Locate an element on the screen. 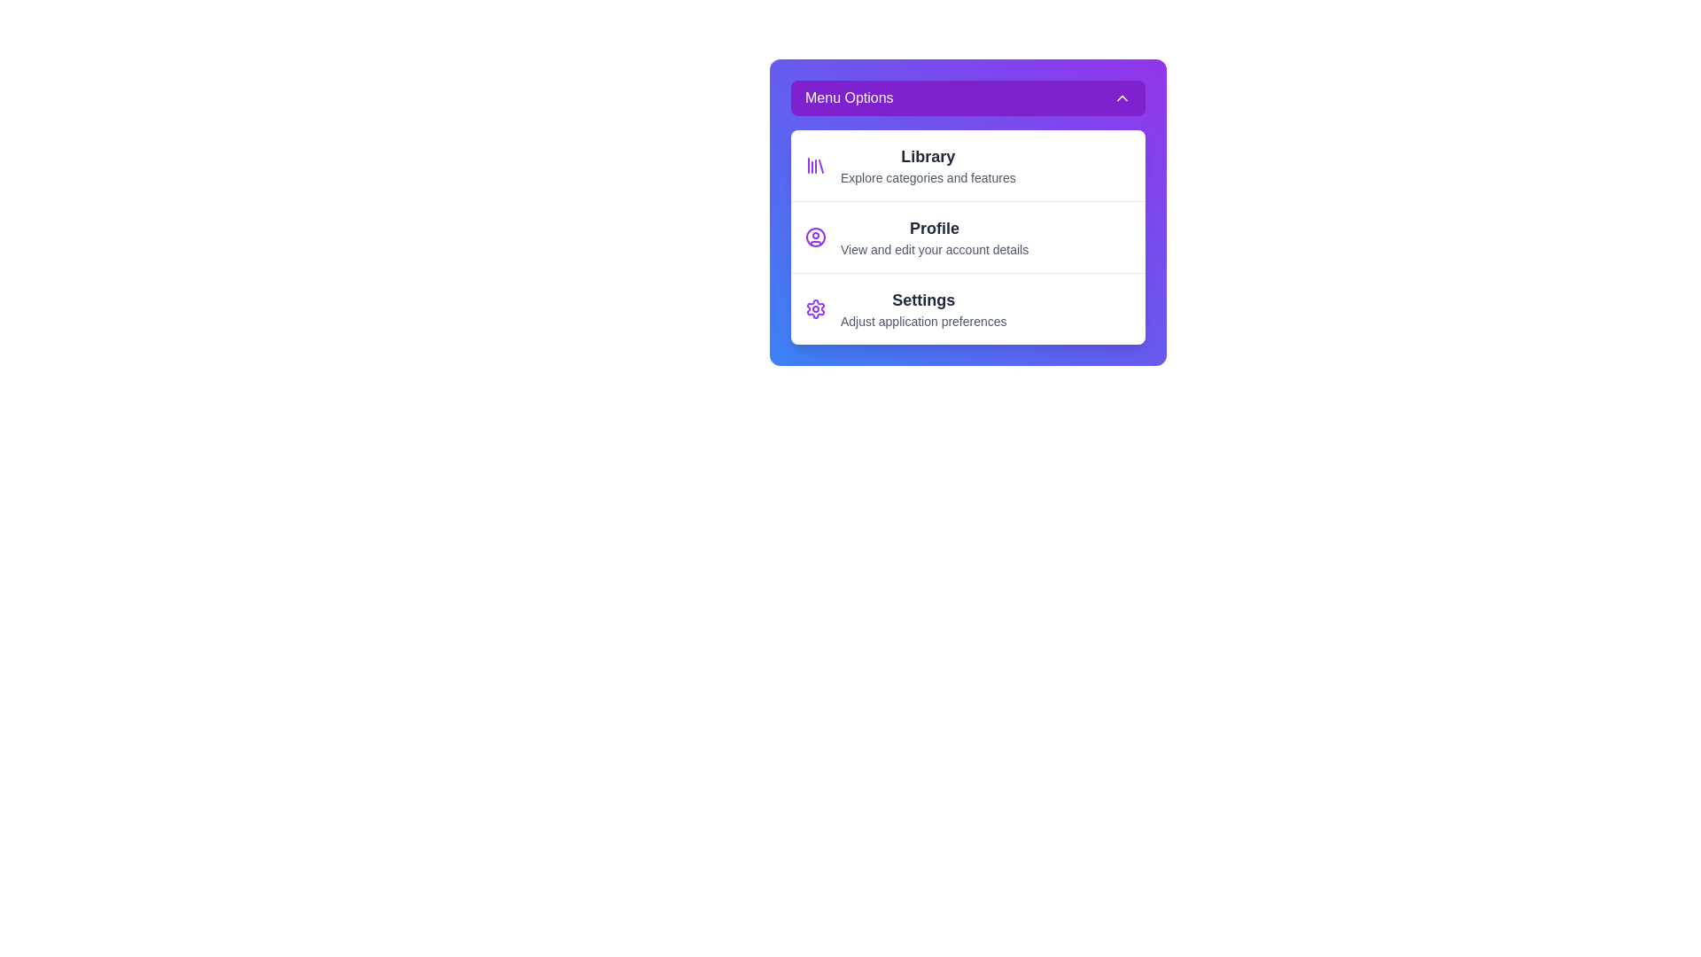 This screenshot has width=1701, height=957. the purple outer ring of the icon located beside the 'Profile' section in the menu is located at coordinates (815, 236).